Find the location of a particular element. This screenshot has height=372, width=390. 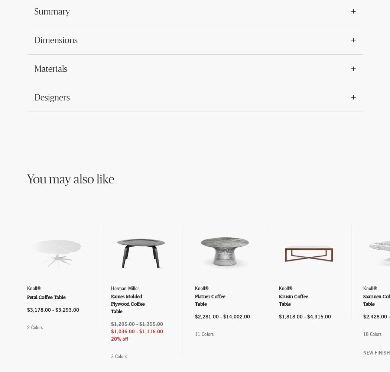

'Summary' is located at coordinates (51, 11).